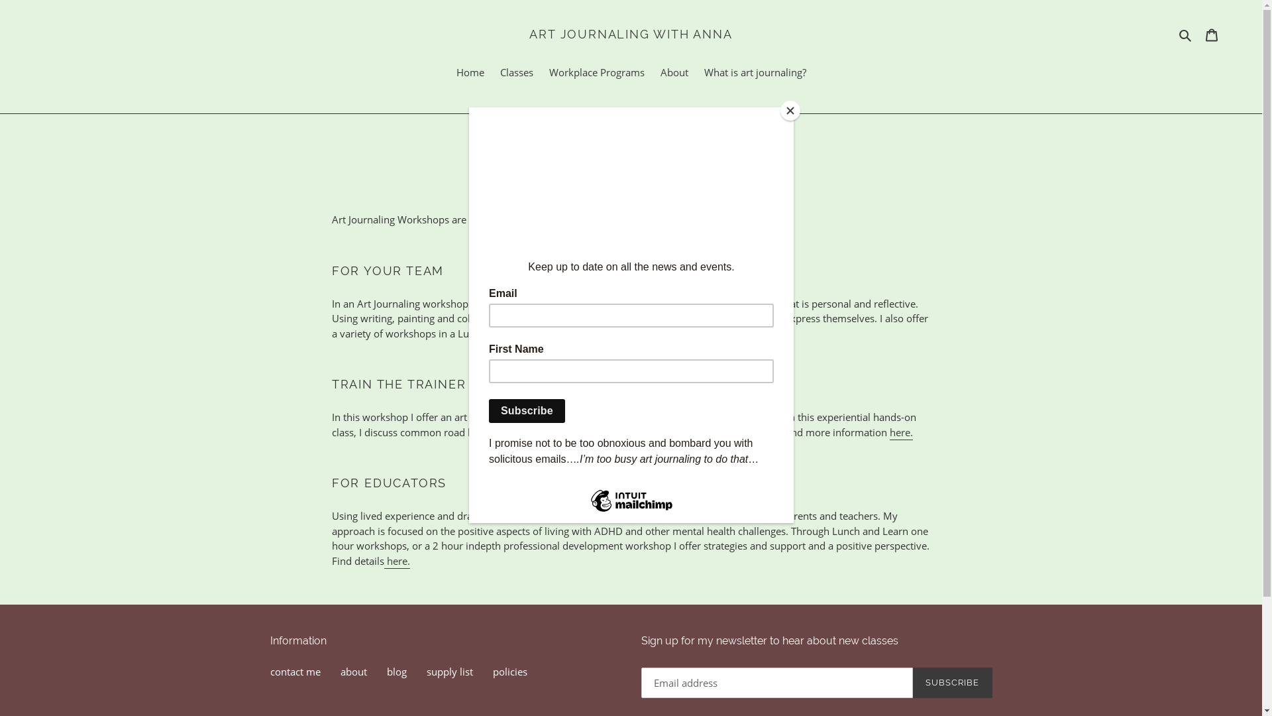 The width and height of the screenshot is (1272, 716). What do you see at coordinates (340, 672) in the screenshot?
I see `'about'` at bounding box center [340, 672].